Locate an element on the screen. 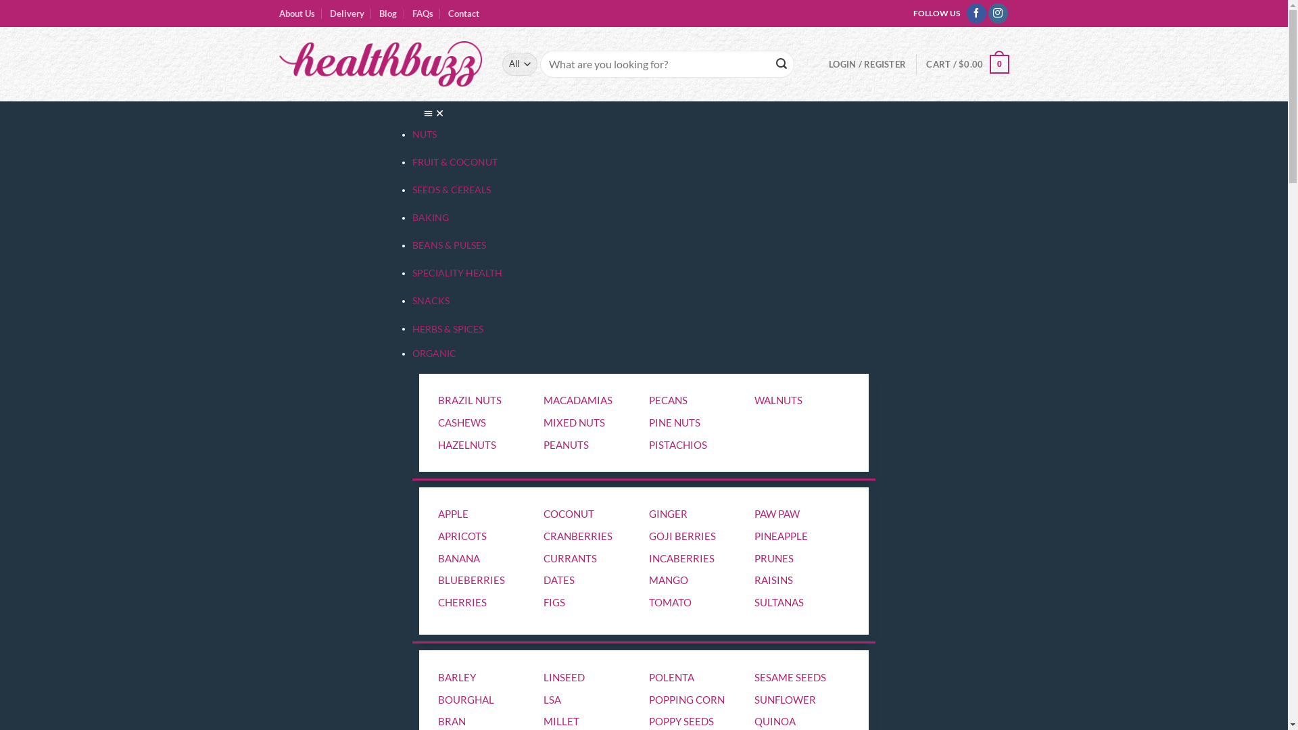 This screenshot has height=730, width=1298. 'Search' is located at coordinates (782, 64).